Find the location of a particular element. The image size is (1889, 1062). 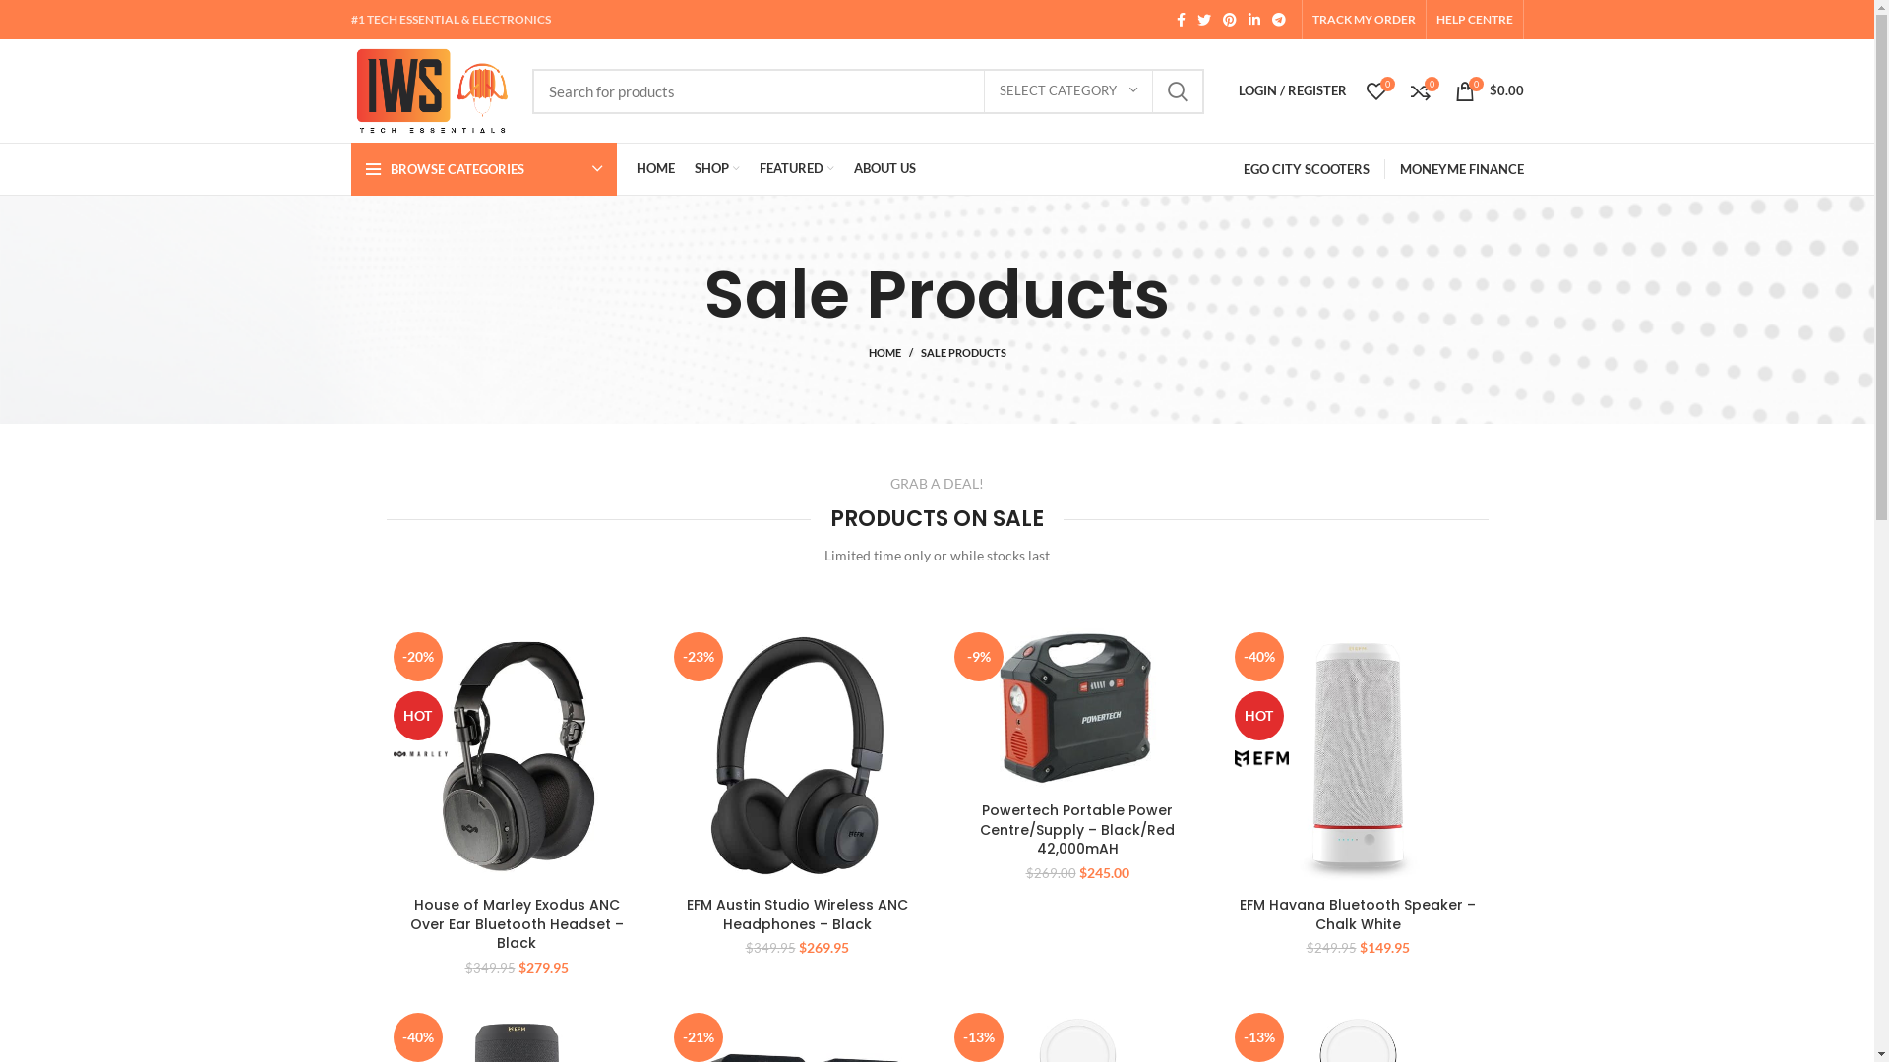

'0' is located at coordinates (1421, 90).